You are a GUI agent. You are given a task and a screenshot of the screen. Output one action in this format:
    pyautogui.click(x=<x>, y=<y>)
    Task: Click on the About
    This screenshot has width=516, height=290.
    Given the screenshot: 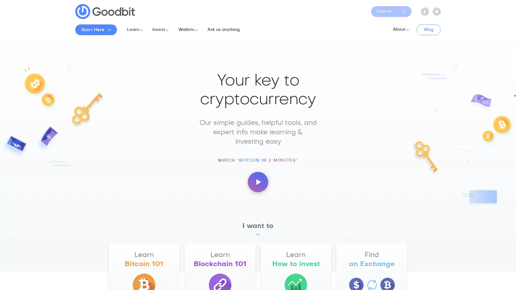 What is the action you would take?
    pyautogui.click(x=400, y=29)
    